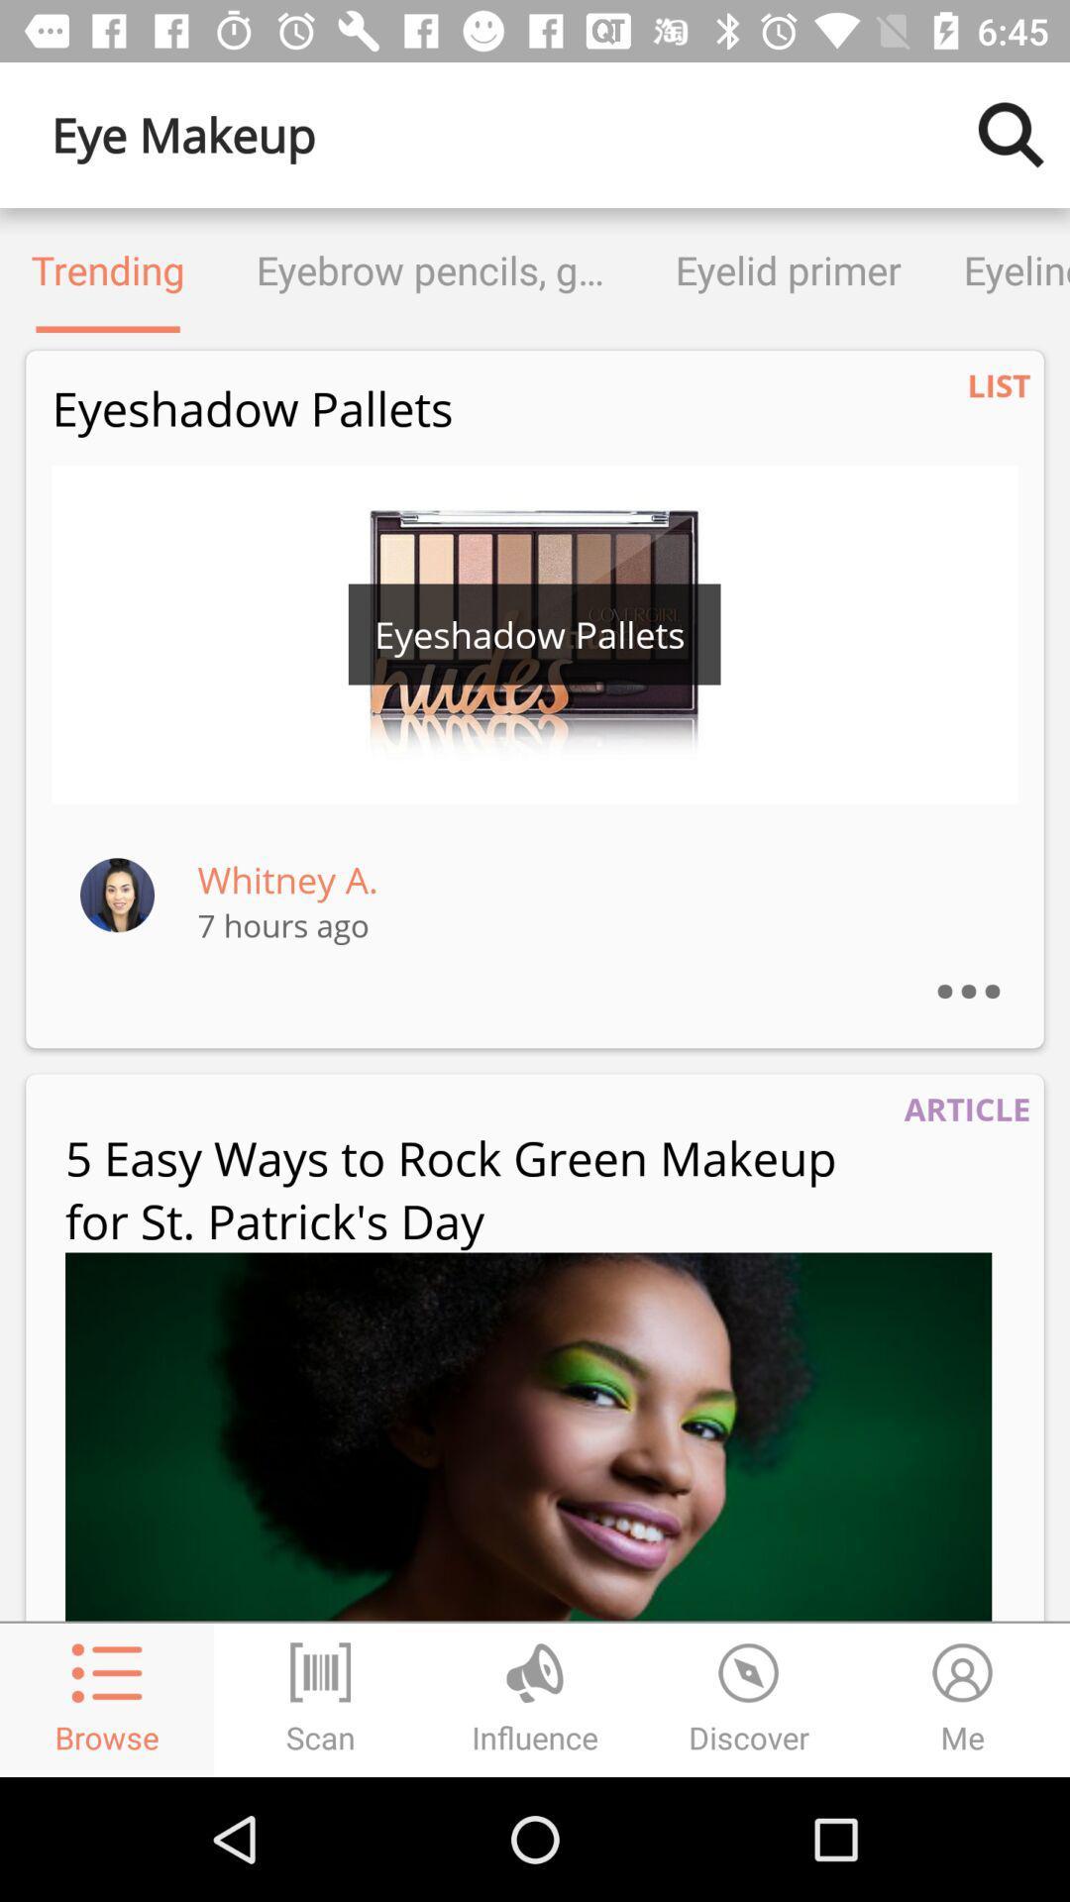 This screenshot has height=1902, width=1070. I want to click on the globe icon, so click(535, 1699).